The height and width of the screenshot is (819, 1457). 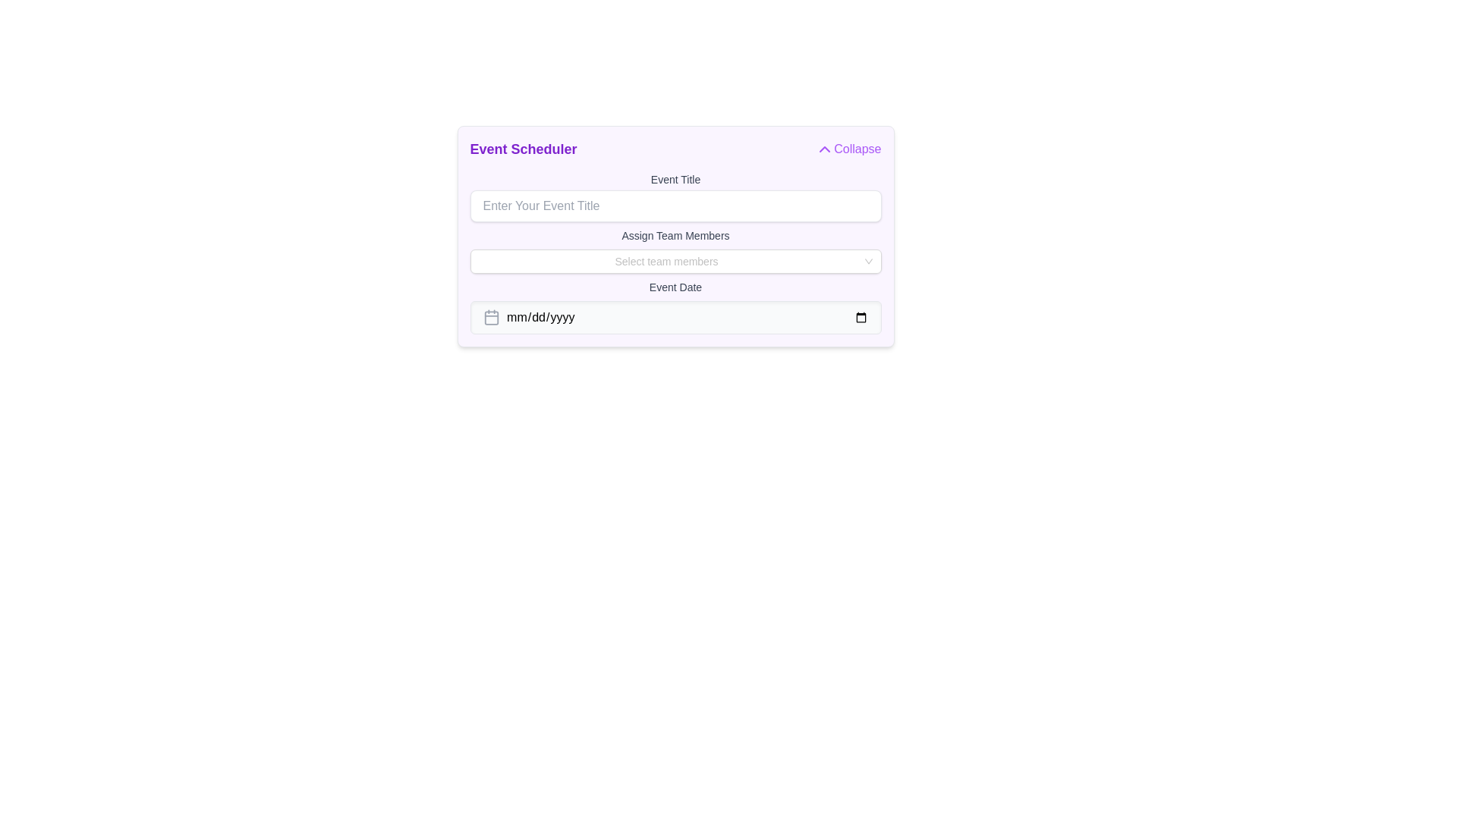 I want to click on the chevron button in the top-right corner of the 'Event Scheduler' card for accessibility navigation, so click(x=824, y=149).